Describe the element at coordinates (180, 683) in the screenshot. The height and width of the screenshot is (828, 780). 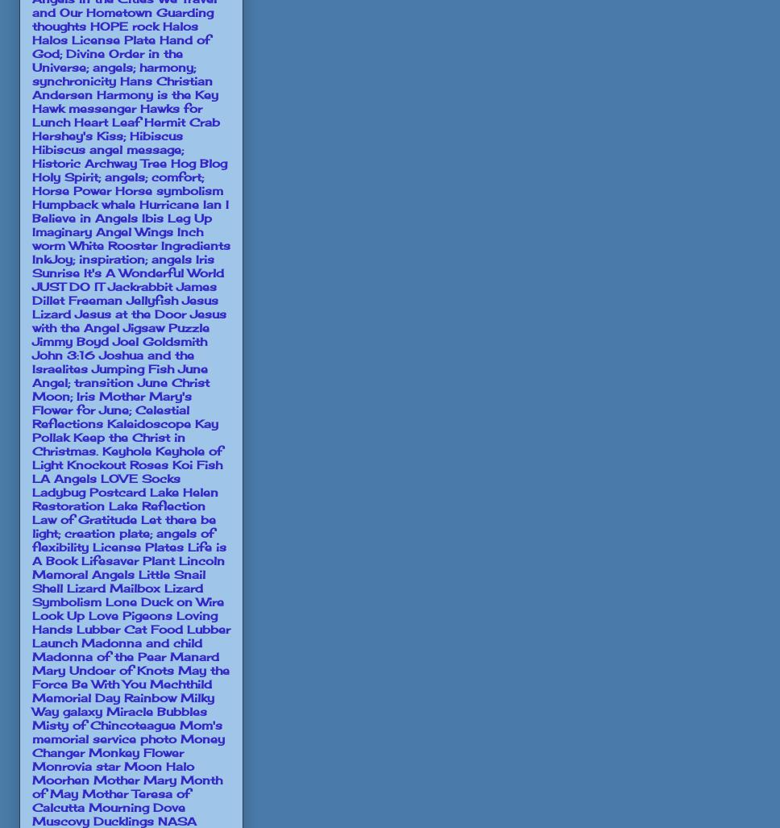
I see `'Mechthild'` at that location.